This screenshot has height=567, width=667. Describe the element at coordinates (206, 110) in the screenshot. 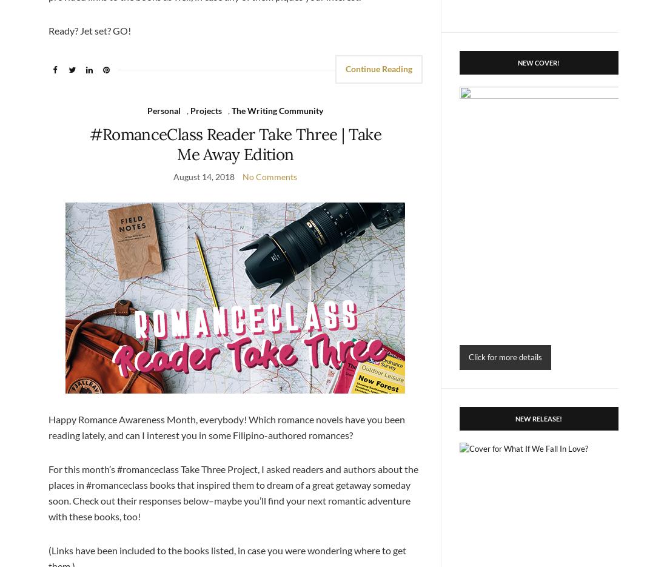

I see `'Projects'` at that location.